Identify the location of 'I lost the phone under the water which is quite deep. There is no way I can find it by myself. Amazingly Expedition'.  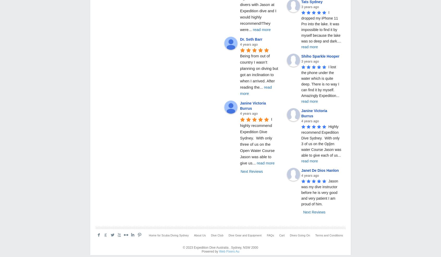
(301, 81).